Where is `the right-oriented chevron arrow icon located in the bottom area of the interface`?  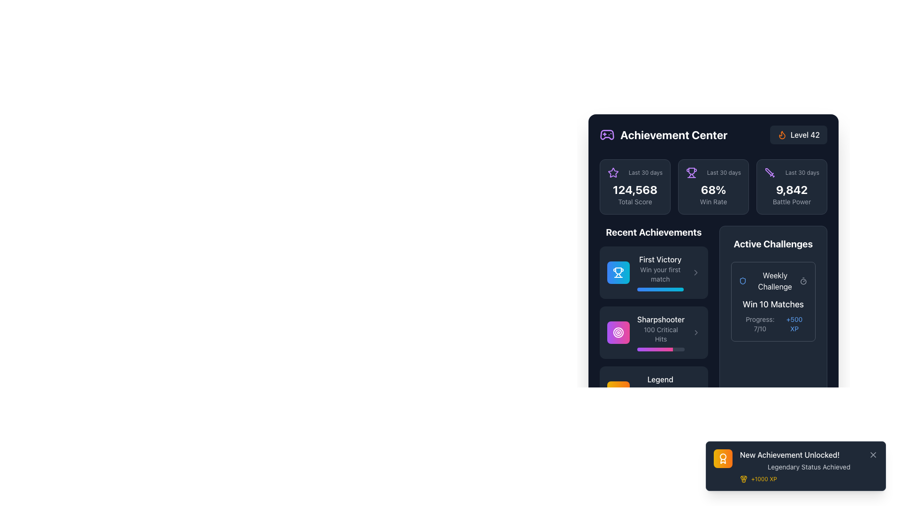 the right-oriented chevron arrow icon located in the bottom area of the interface is located at coordinates (695, 392).